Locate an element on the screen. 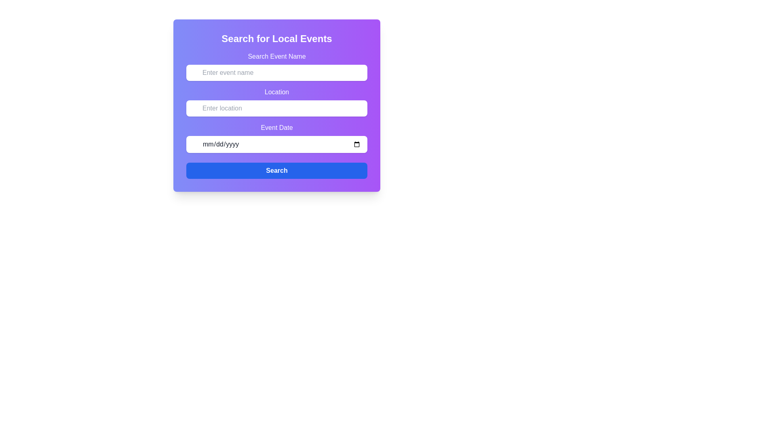 The width and height of the screenshot is (776, 437). the title text element at the top of the card that indicates the purpose of the subsequent interface elements is located at coordinates (277, 39).